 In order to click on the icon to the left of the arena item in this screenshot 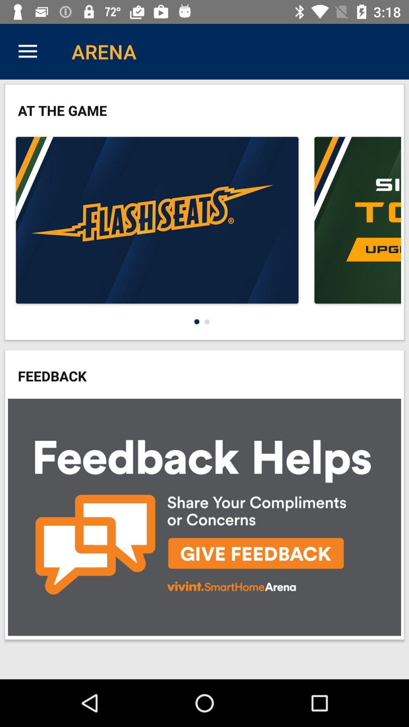, I will do `click(27, 51)`.